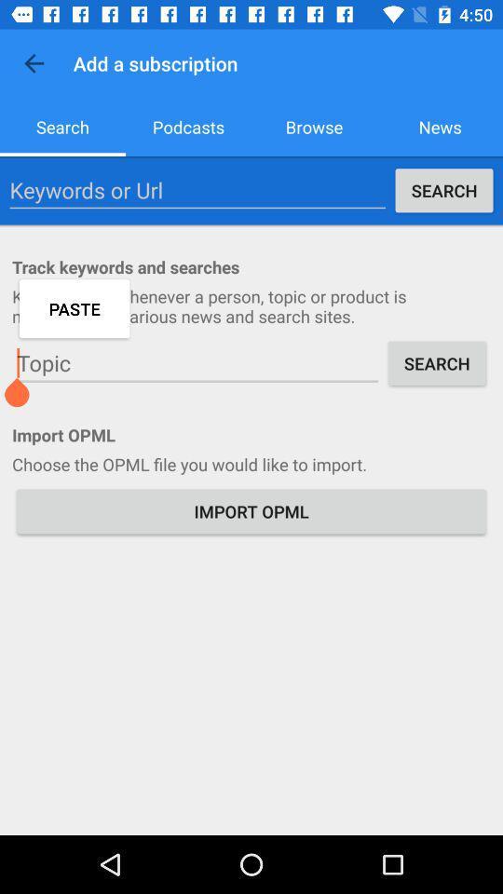  Describe the element at coordinates (188, 126) in the screenshot. I see `podcasts item` at that location.